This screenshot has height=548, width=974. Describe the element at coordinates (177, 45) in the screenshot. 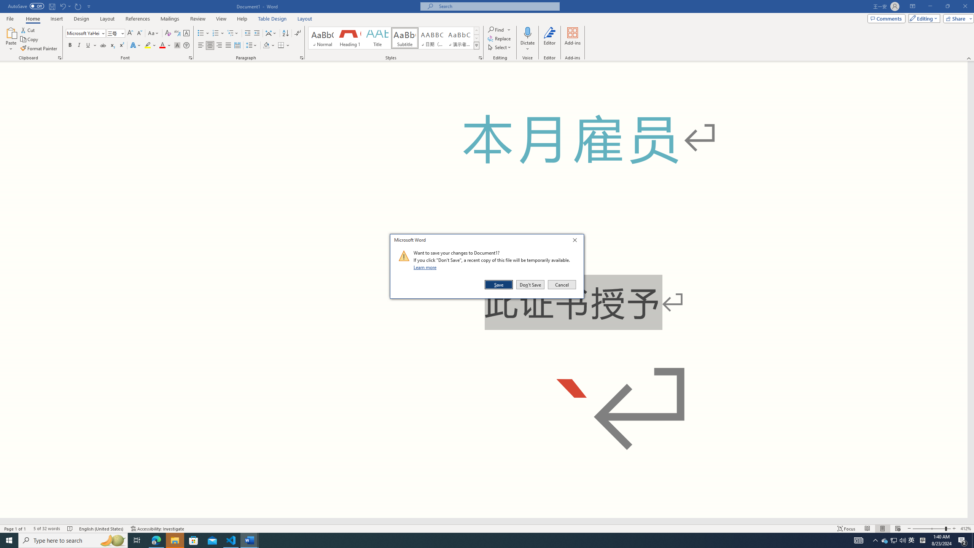

I see `'Character Shading'` at that location.